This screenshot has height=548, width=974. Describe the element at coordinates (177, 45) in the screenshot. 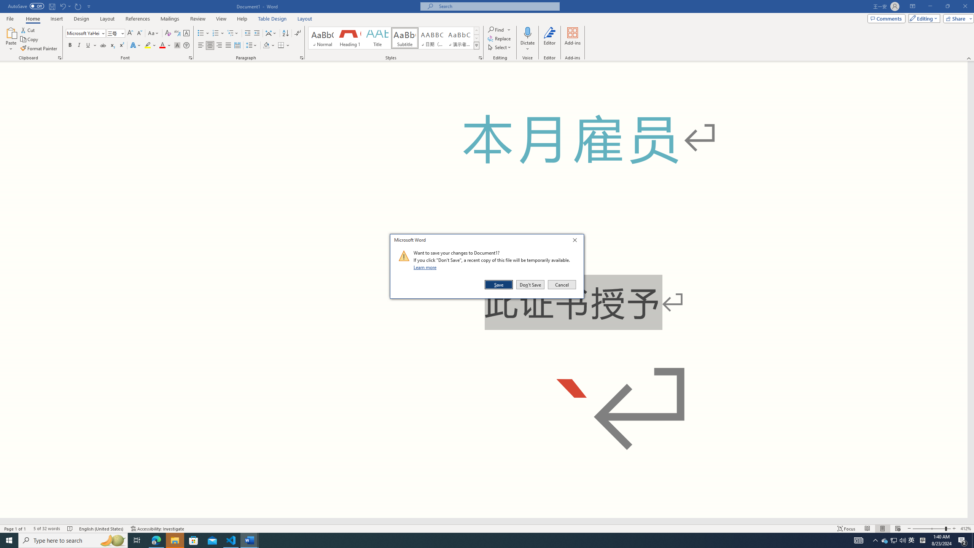

I see `'Character Shading'` at that location.